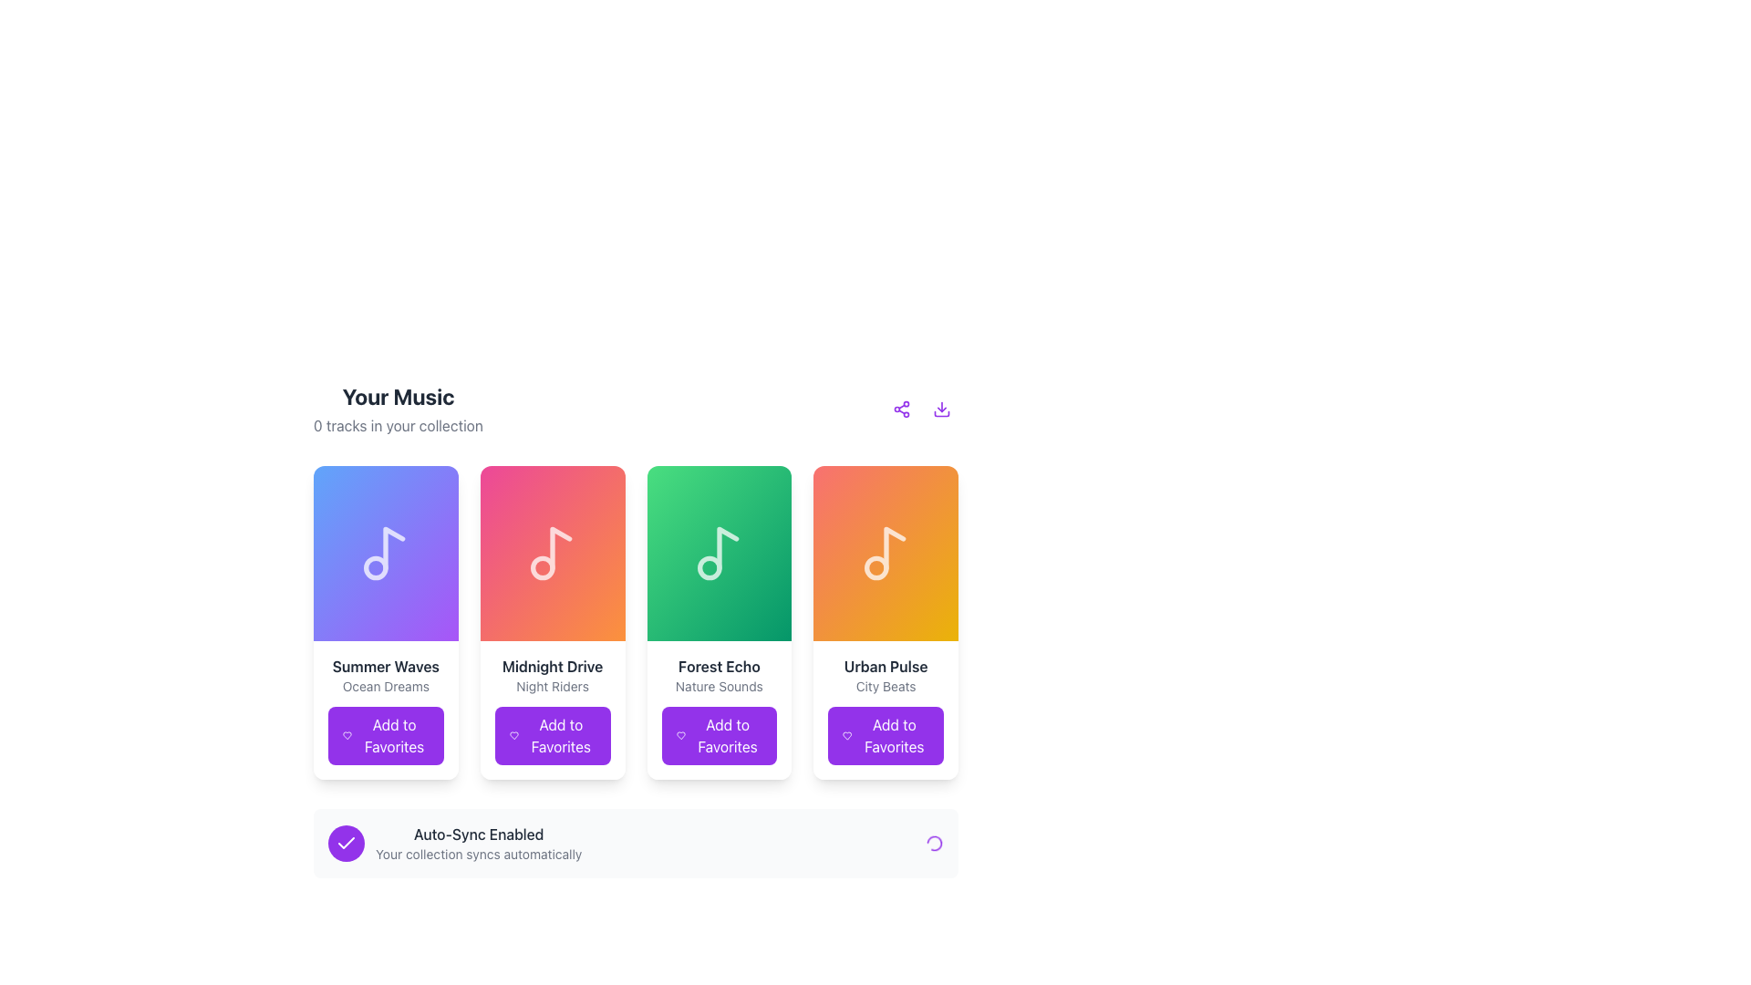  I want to click on the 'Add to Favorites' button on the fourth Interactive Card located in the bottom-right corner of the grid, so click(886, 621).